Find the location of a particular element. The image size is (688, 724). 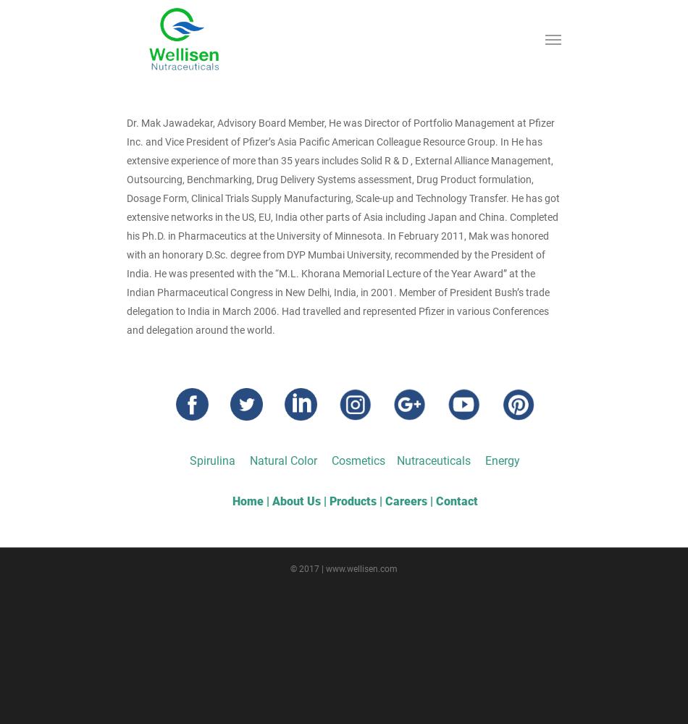

'Cosmetics' is located at coordinates (358, 460).